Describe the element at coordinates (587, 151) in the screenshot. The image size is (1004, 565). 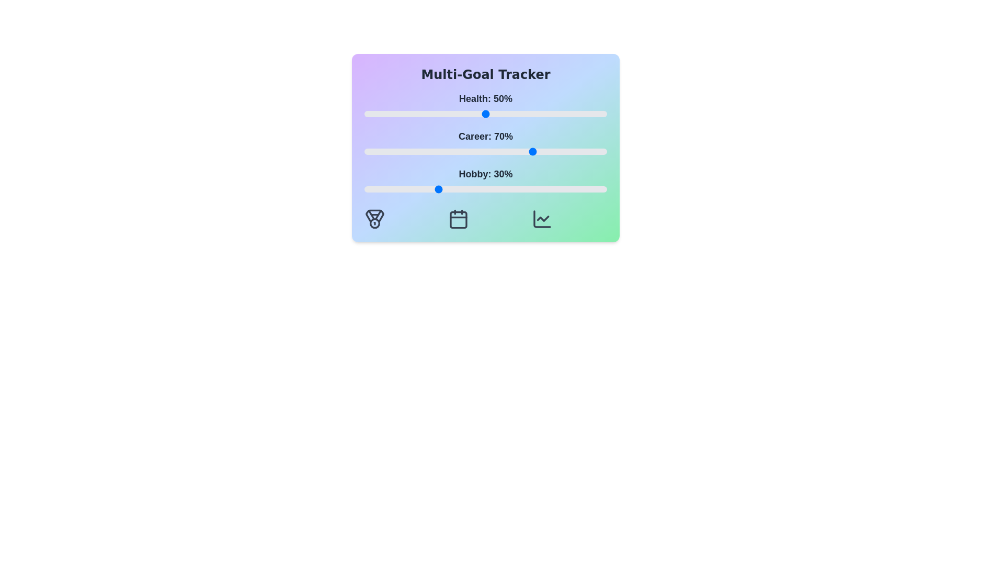
I see `the 'Career' slider to 92%` at that location.